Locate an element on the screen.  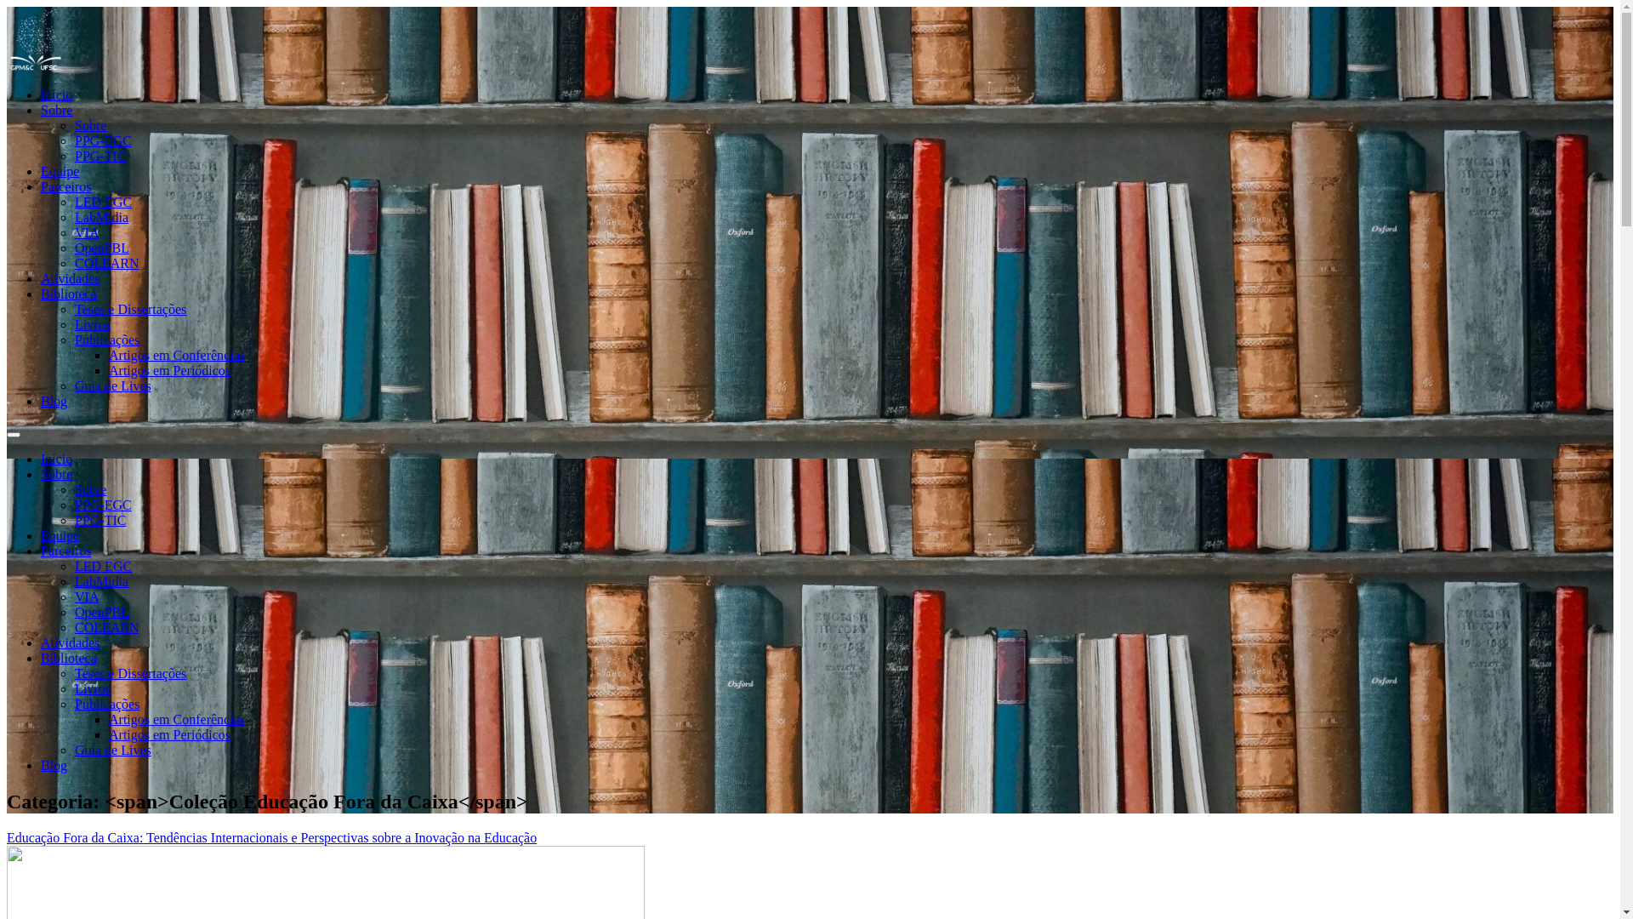
'VIA' is located at coordinates (73, 232).